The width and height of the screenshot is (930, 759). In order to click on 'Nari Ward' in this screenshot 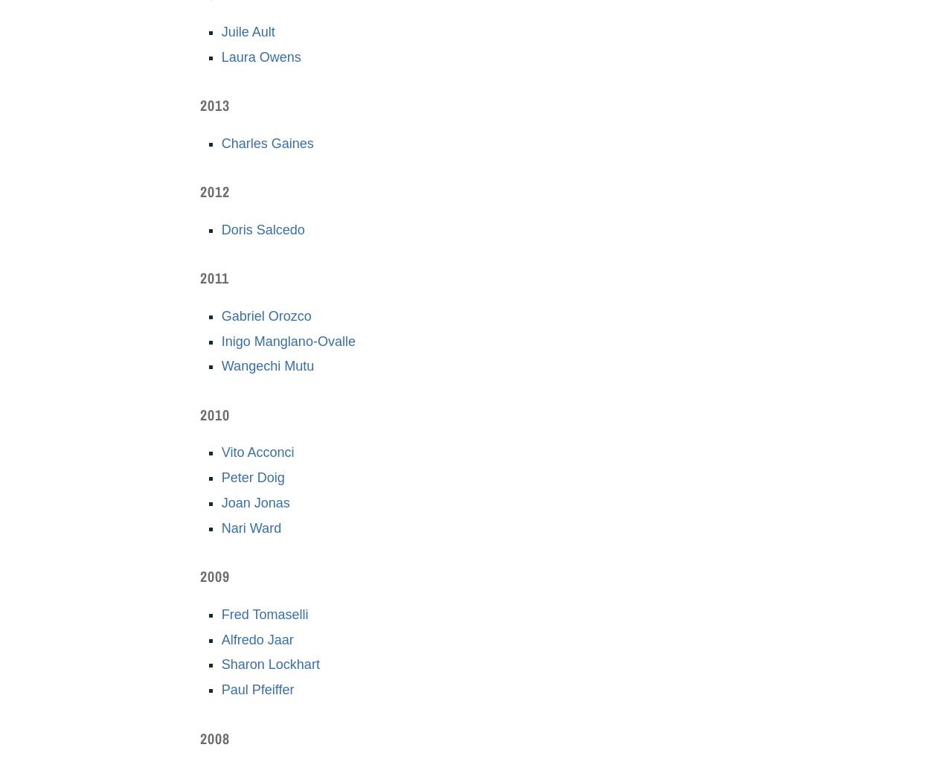, I will do `click(250, 527)`.